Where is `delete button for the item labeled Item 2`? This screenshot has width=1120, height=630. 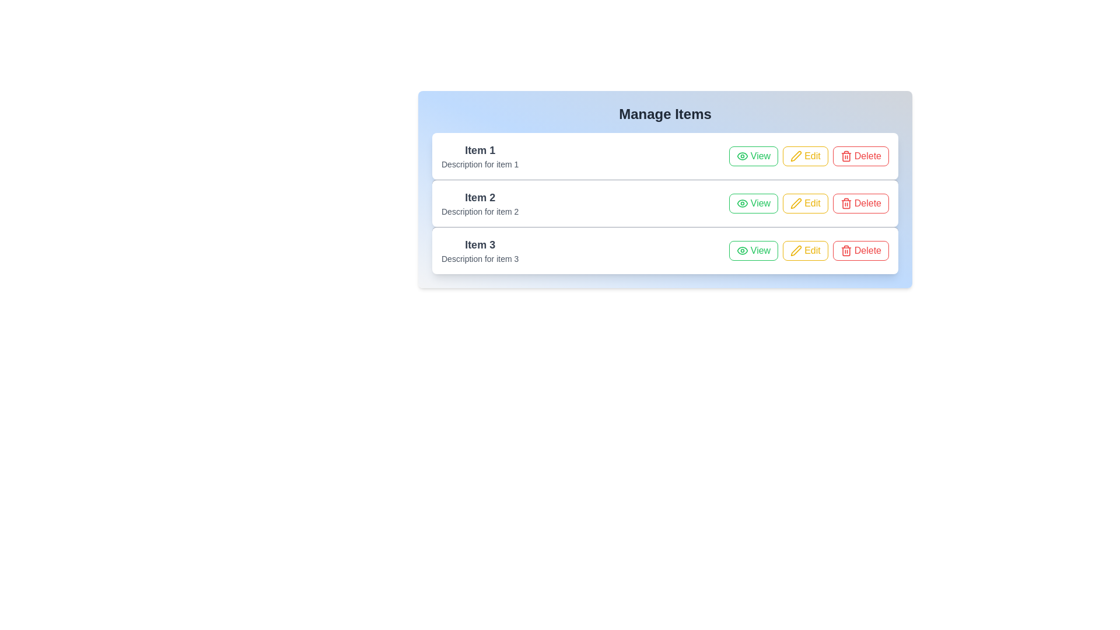 delete button for the item labeled Item 2 is located at coordinates (860, 202).